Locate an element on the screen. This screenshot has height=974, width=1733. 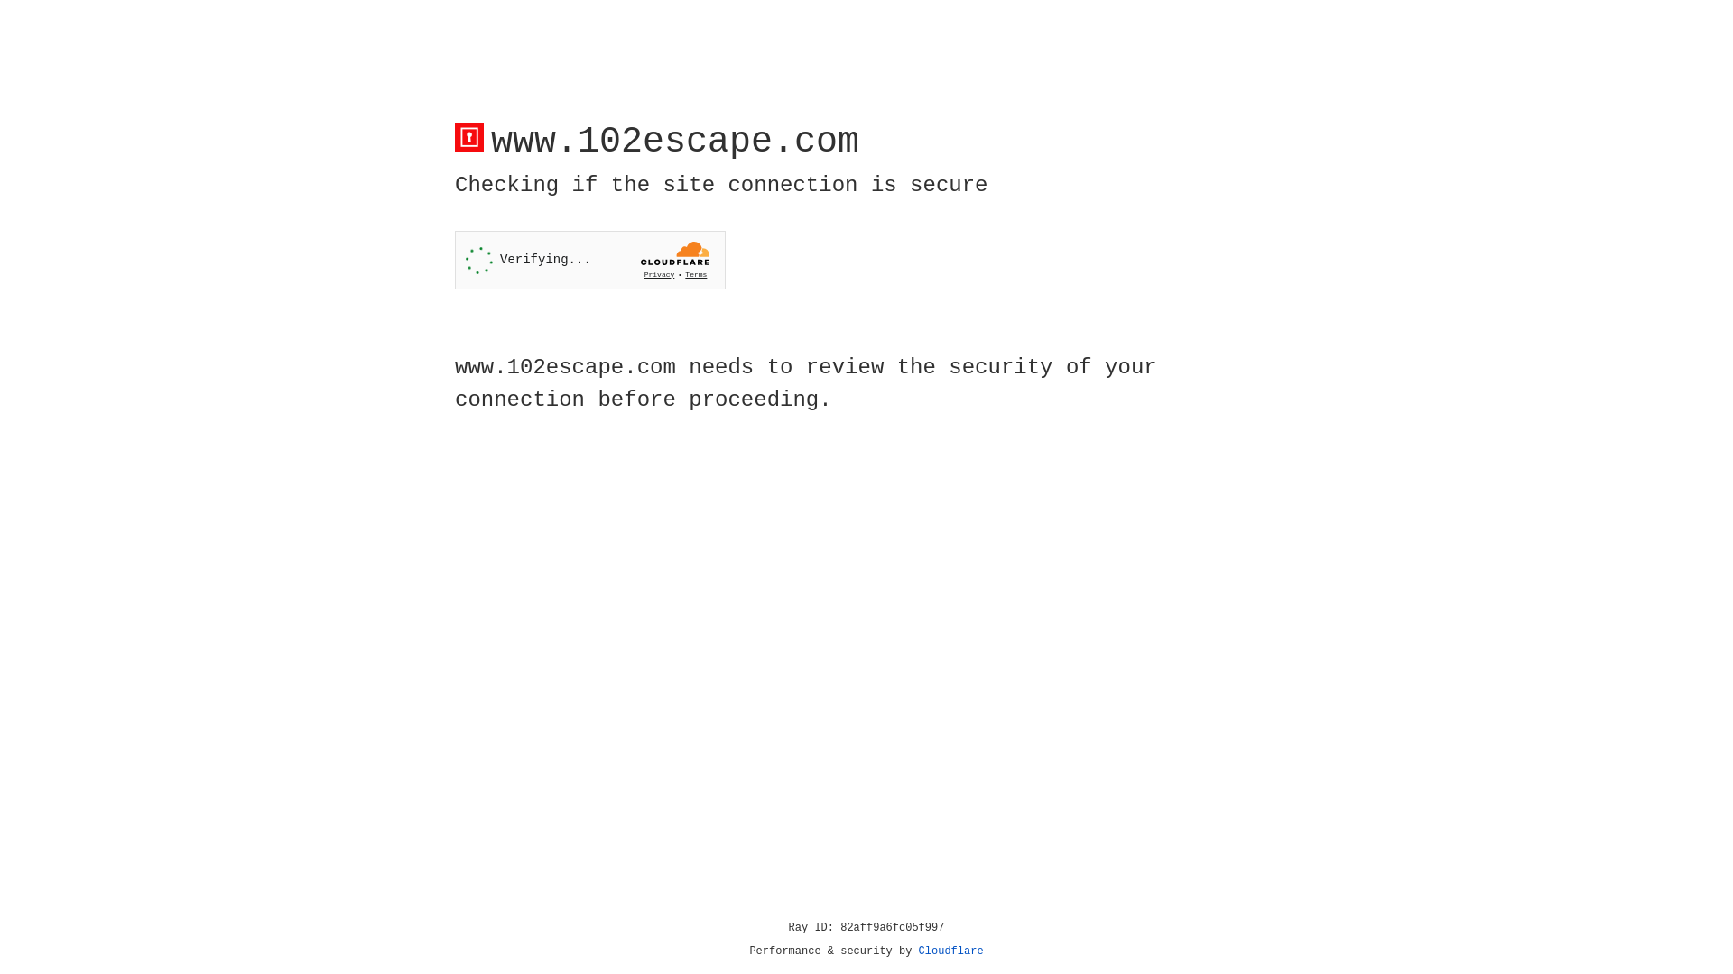
'Widget containing a Cloudflare security challenge' is located at coordinates (589, 260).